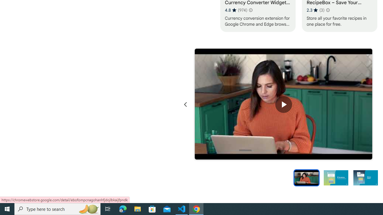  I want to click on 'Preview slide 2', so click(336, 177).